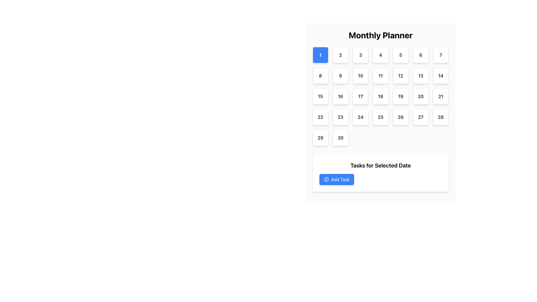 This screenshot has width=537, height=302. I want to click on the 'Add Task' button, which features white text on a blue background, located below the 'Tasks for Selected Date' section, so click(340, 179).